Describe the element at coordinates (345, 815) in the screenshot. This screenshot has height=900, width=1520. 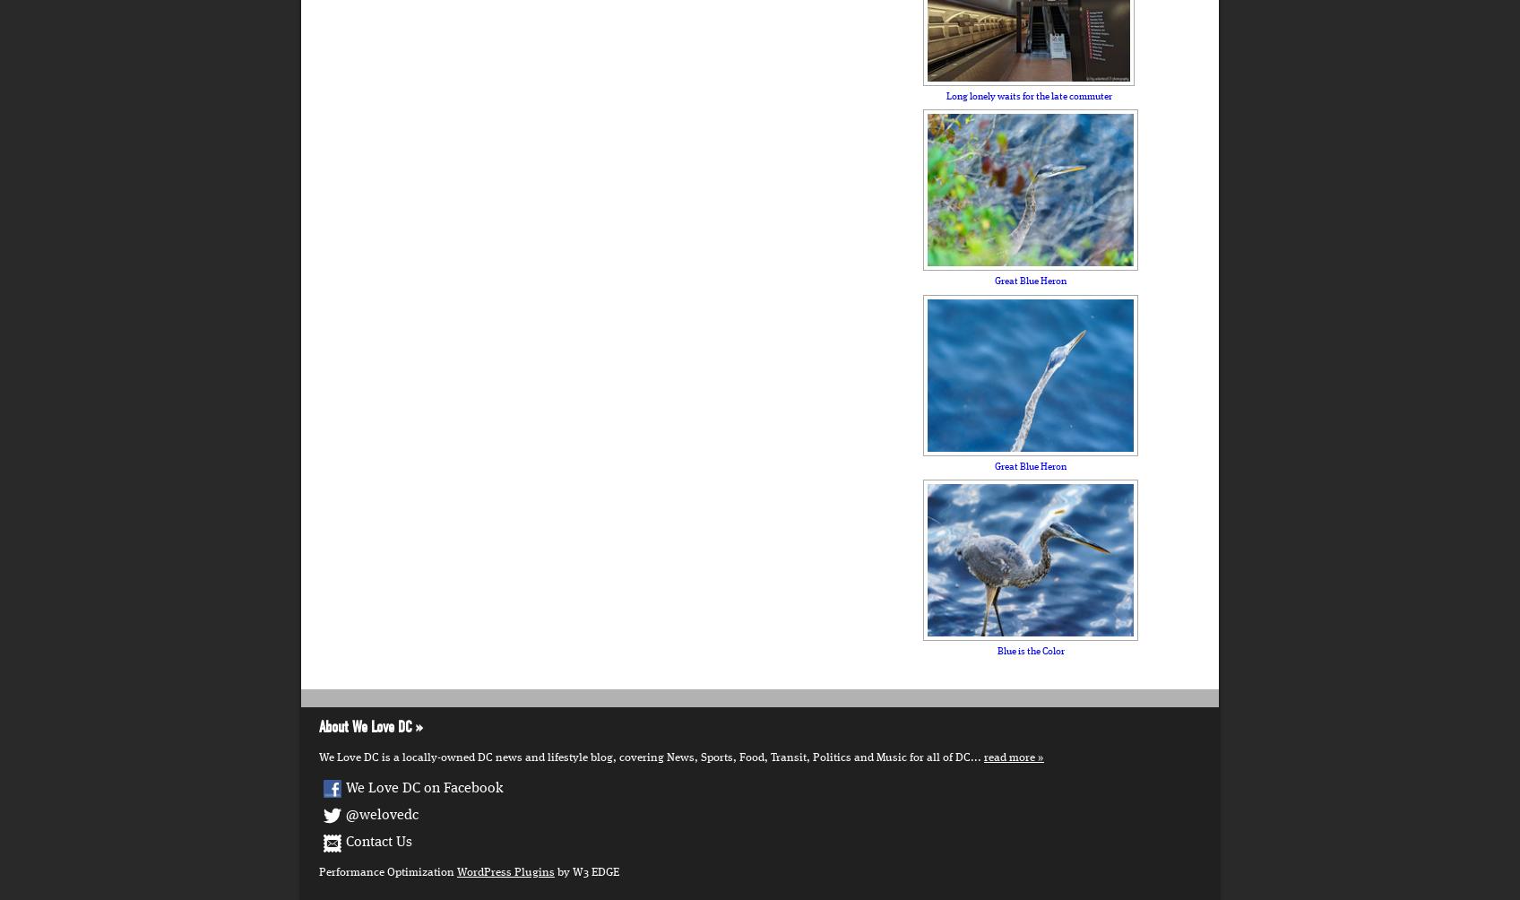
I see `'@welovedc'` at that location.